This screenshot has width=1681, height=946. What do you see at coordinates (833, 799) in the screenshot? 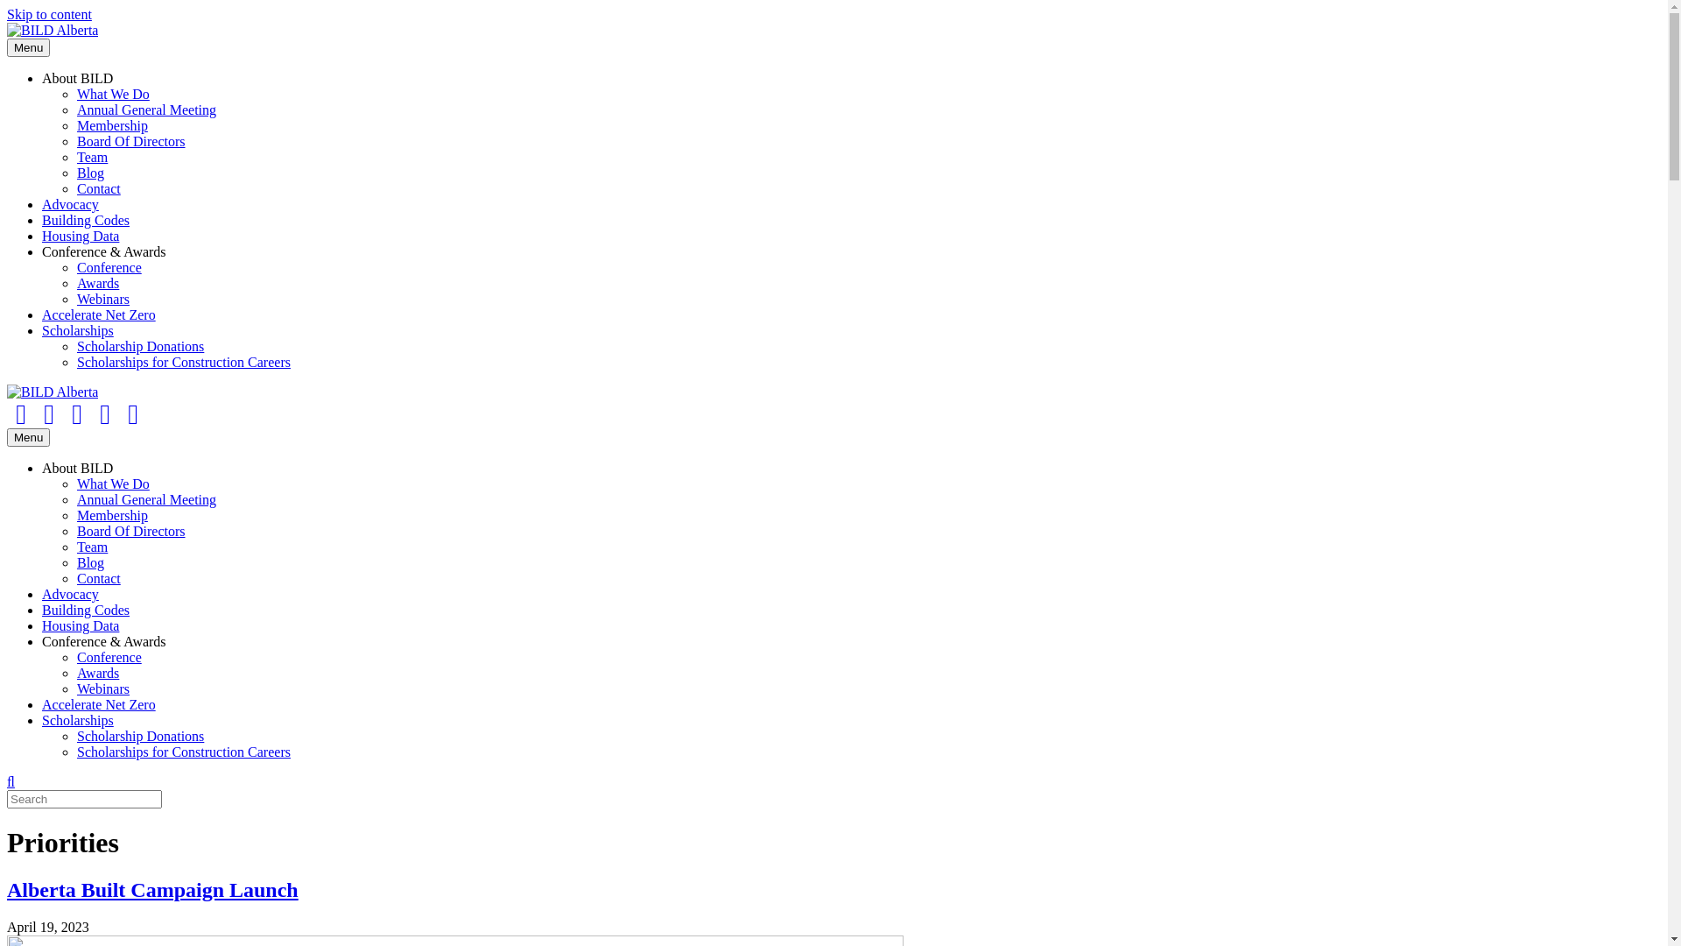
I see `'Type and press Enter to search.'` at bounding box center [833, 799].